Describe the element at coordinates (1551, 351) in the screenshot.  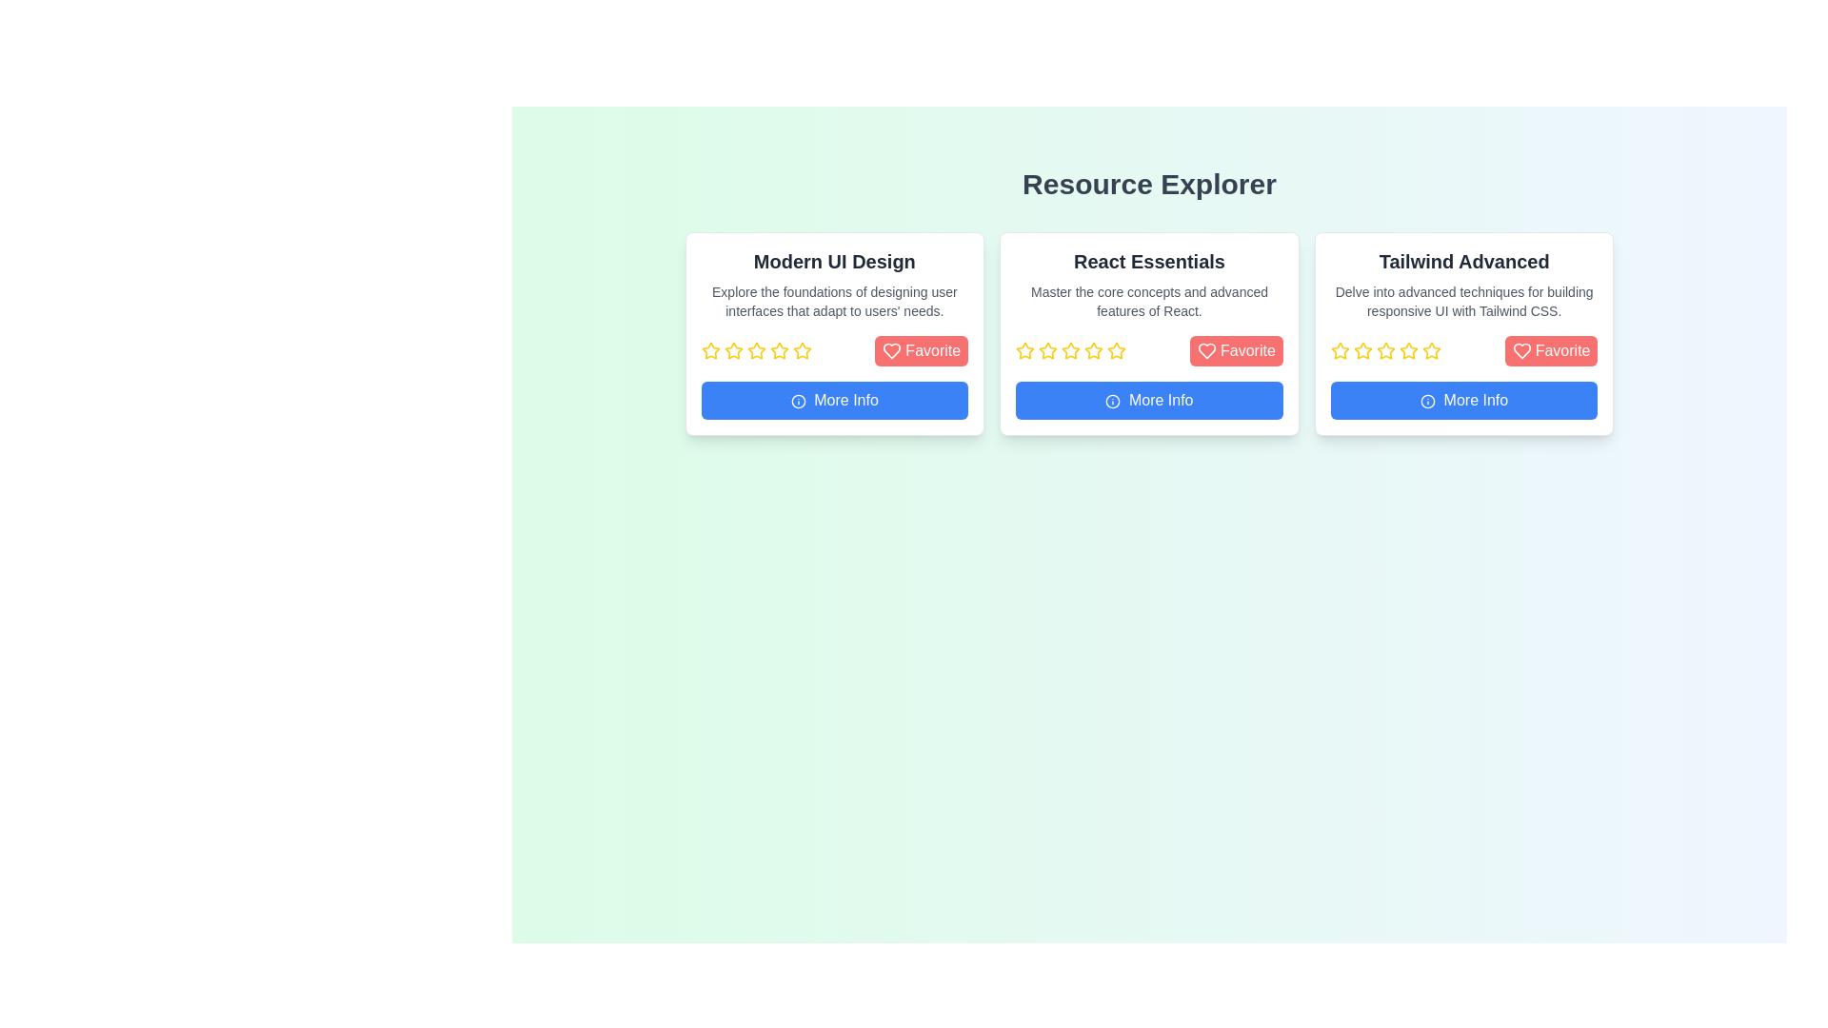
I see `the 'Tailwind Advanced' favorite button located at the top-right of the 'Tailwind Advanced' card to trigger the hover effect` at that location.